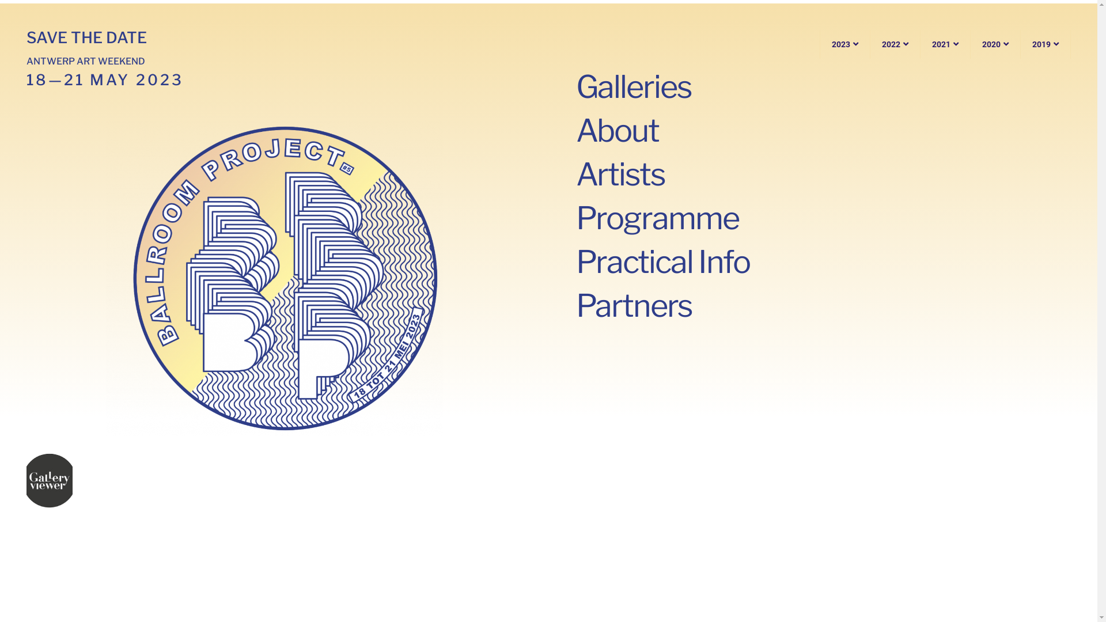 The image size is (1106, 622). I want to click on '2019', so click(1046, 44).